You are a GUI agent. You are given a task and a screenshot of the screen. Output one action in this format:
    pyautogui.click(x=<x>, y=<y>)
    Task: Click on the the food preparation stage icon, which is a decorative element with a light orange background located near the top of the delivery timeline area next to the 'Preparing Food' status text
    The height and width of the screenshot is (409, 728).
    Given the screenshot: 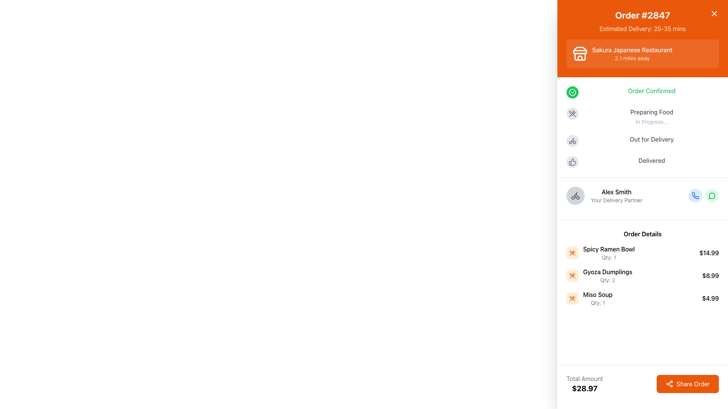 What is the action you would take?
    pyautogui.click(x=573, y=298)
    